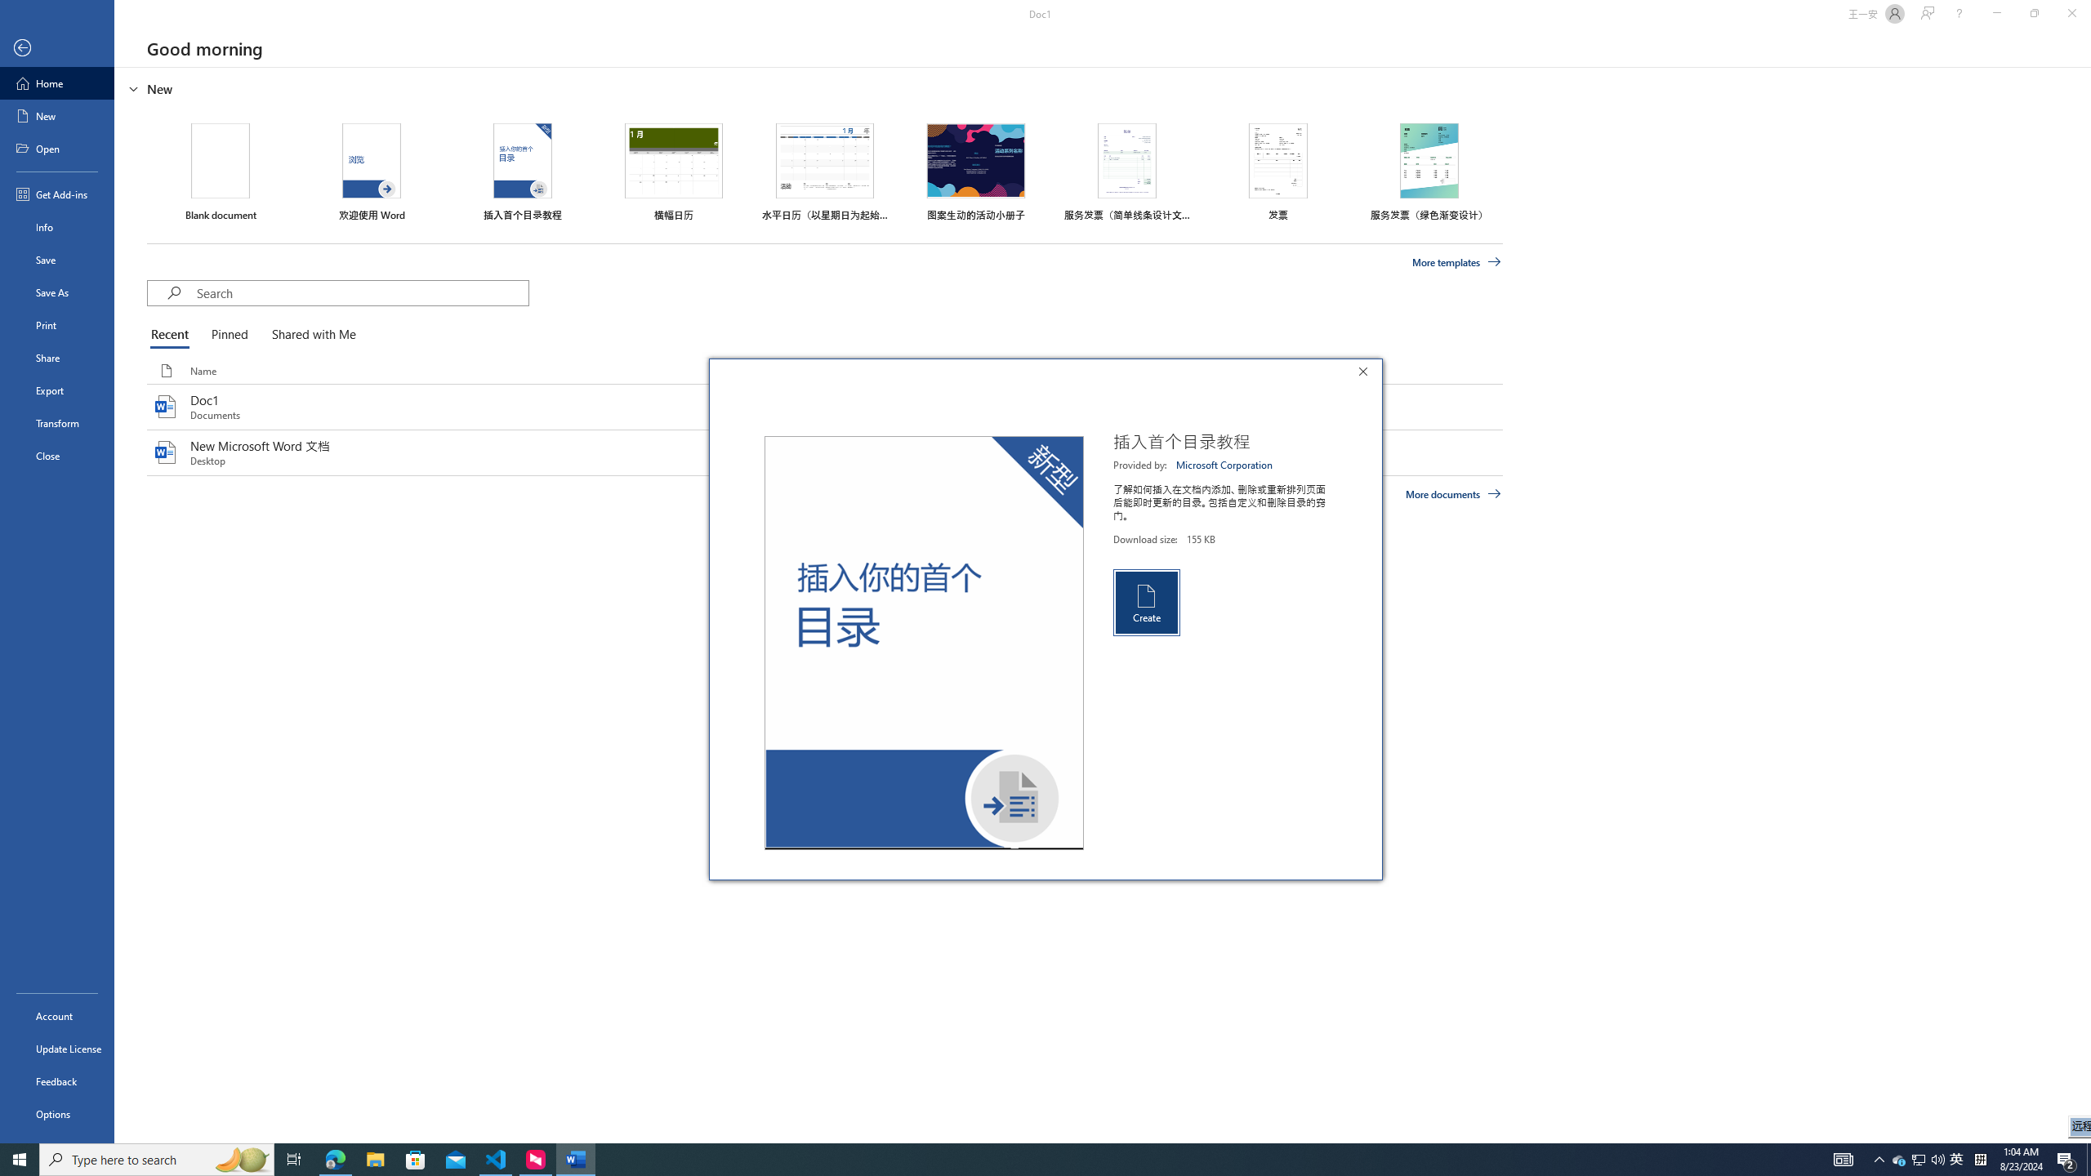 This screenshot has width=2091, height=1176. I want to click on 'Show desktop', so click(2088, 1158).